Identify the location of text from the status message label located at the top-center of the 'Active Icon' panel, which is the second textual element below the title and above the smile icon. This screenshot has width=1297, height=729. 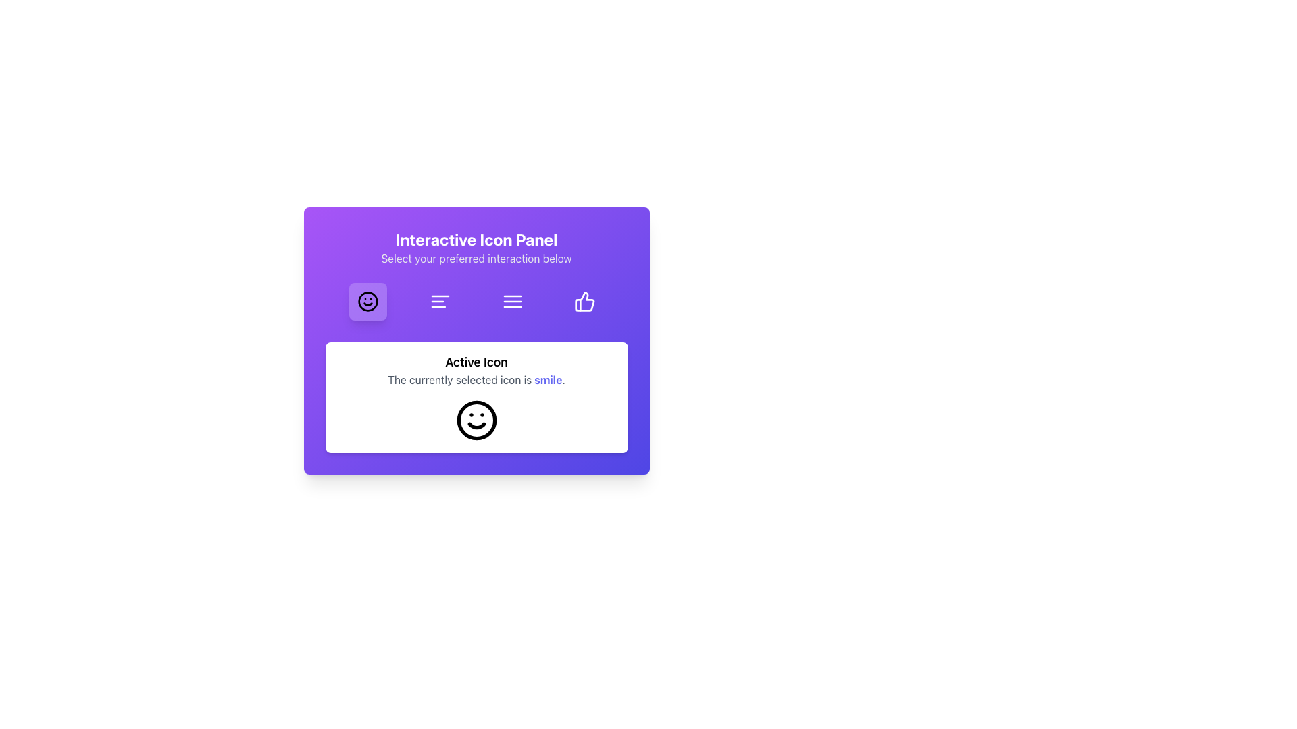
(476, 380).